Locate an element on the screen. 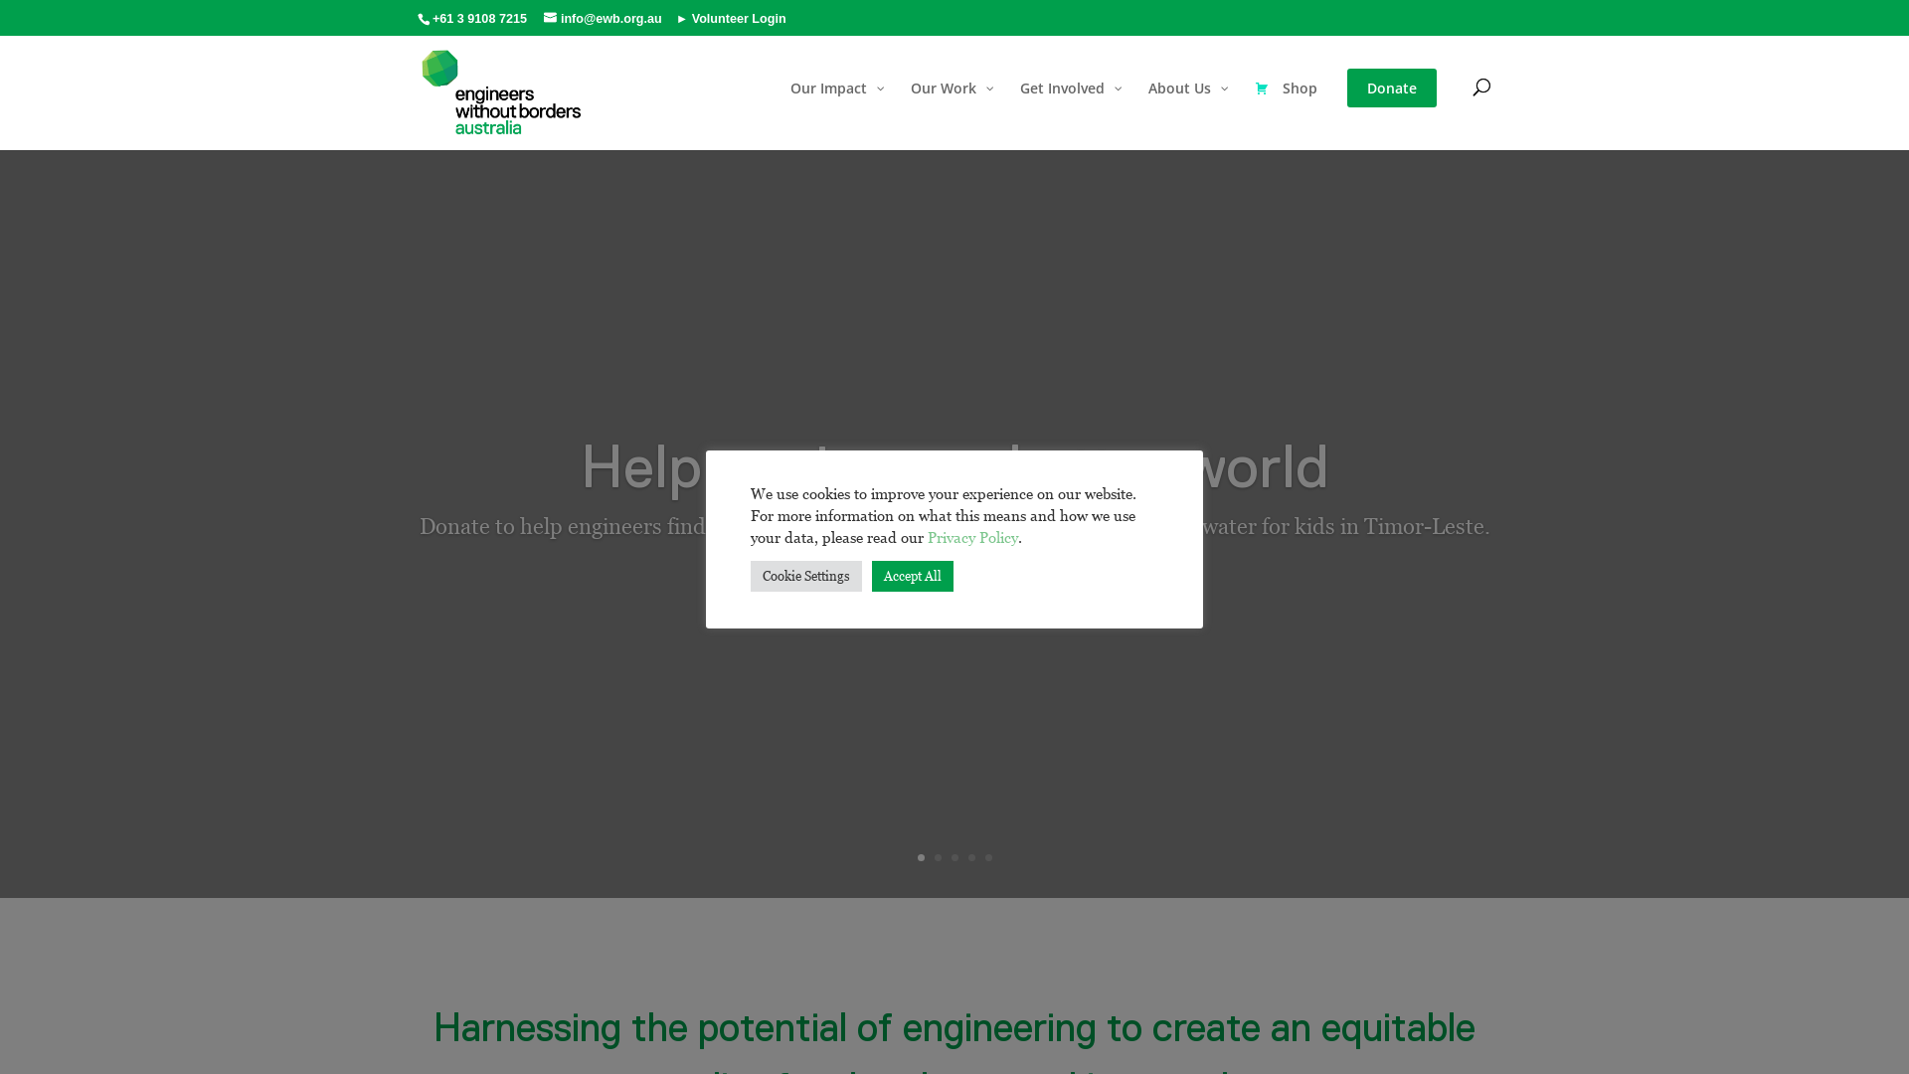 This screenshot has height=1074, width=1909. 'About Us' is located at coordinates (1186, 109).